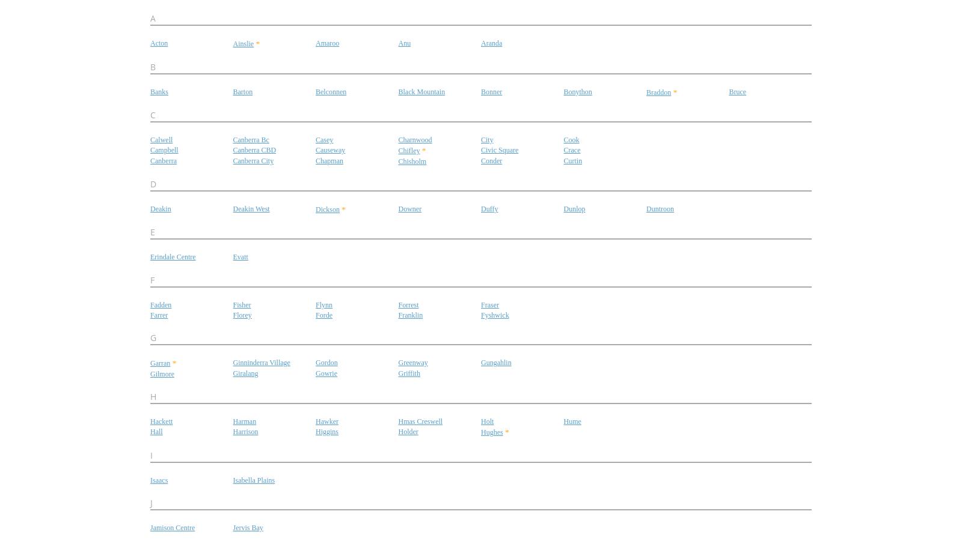 This screenshot has width=962, height=547. Describe the element at coordinates (481, 149) in the screenshot. I see `'Civic Square'` at that location.